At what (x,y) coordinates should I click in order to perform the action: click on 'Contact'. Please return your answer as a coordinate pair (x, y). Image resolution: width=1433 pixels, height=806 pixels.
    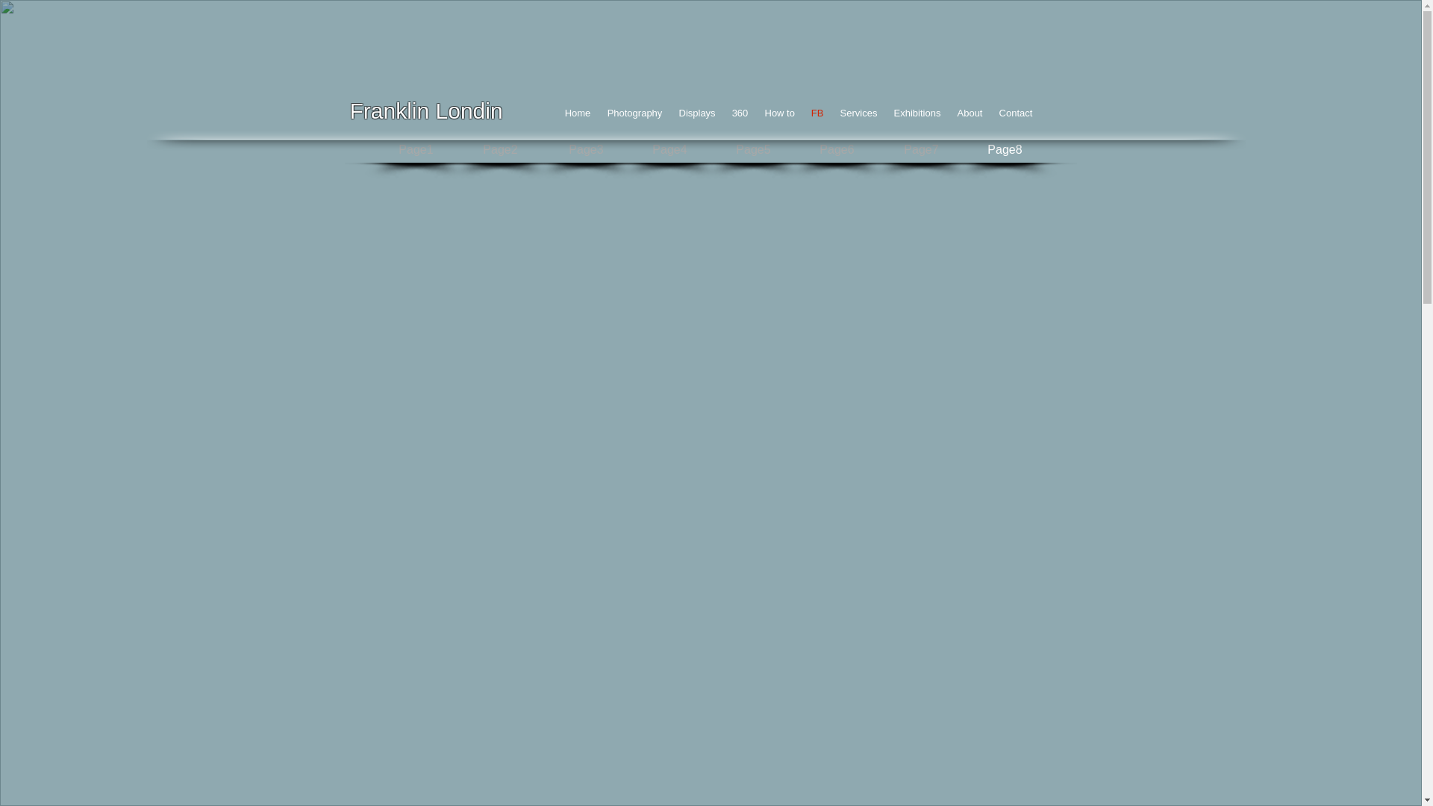
    Looking at the image, I should click on (1015, 112).